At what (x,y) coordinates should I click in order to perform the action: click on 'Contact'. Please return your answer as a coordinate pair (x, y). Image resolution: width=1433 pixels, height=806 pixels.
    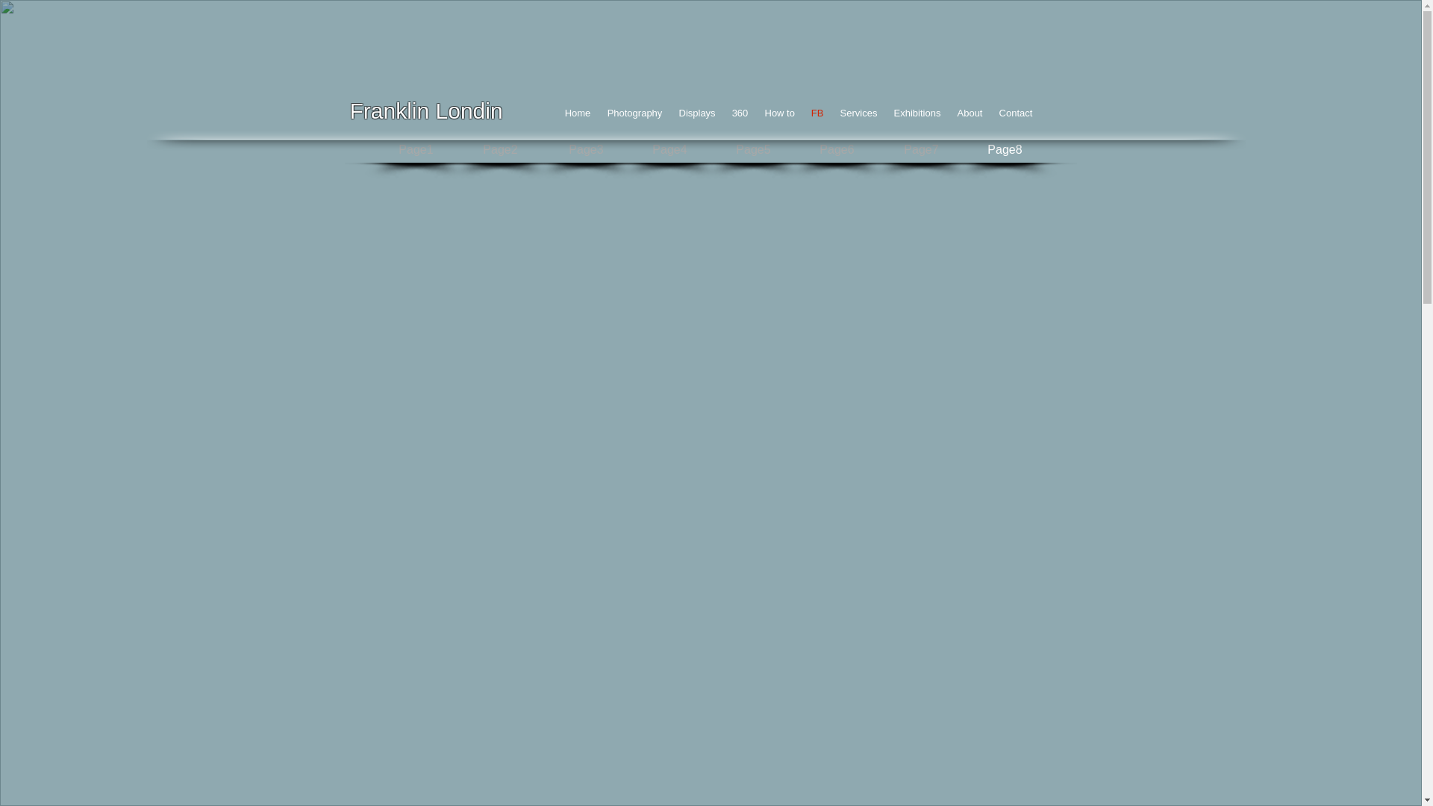
    Looking at the image, I should click on (1015, 112).